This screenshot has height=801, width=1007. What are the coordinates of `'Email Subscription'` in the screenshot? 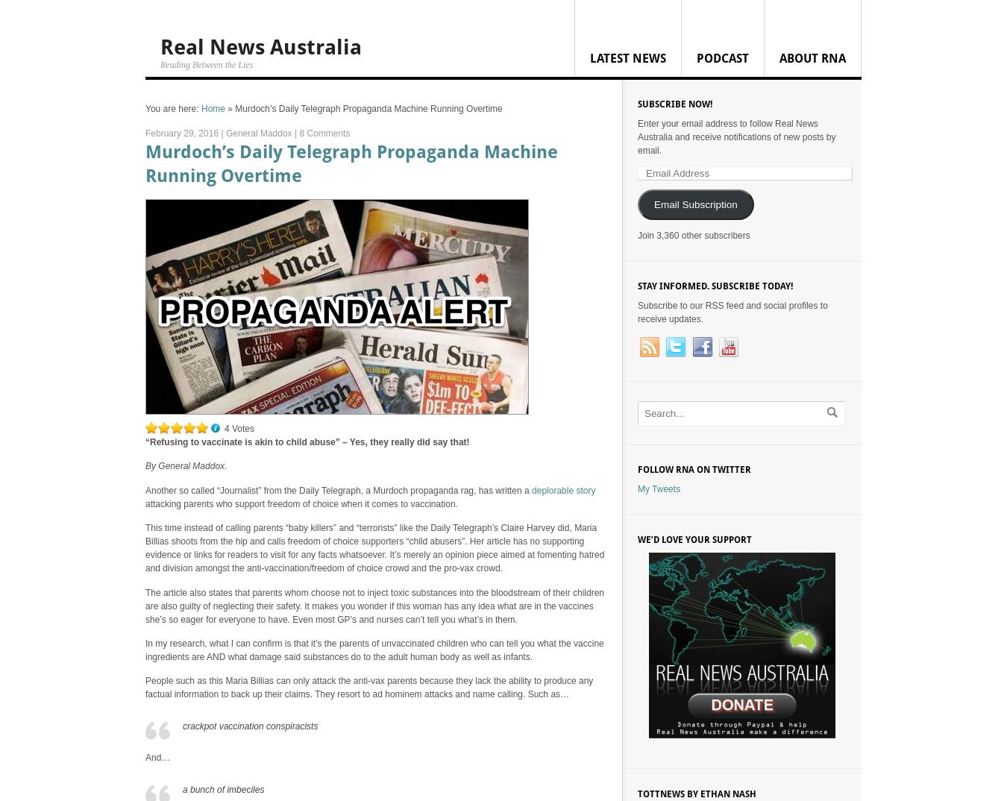 It's located at (694, 204).